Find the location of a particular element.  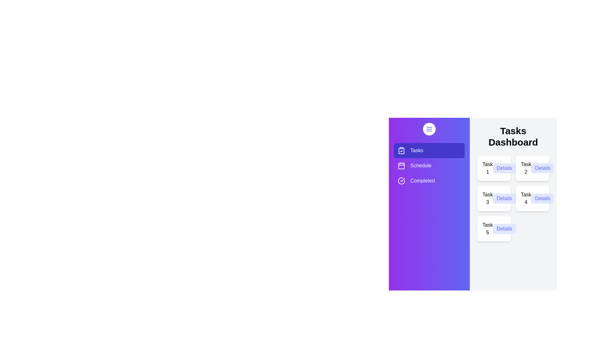

the 'Details' button of Task 5 is located at coordinates (504, 229).